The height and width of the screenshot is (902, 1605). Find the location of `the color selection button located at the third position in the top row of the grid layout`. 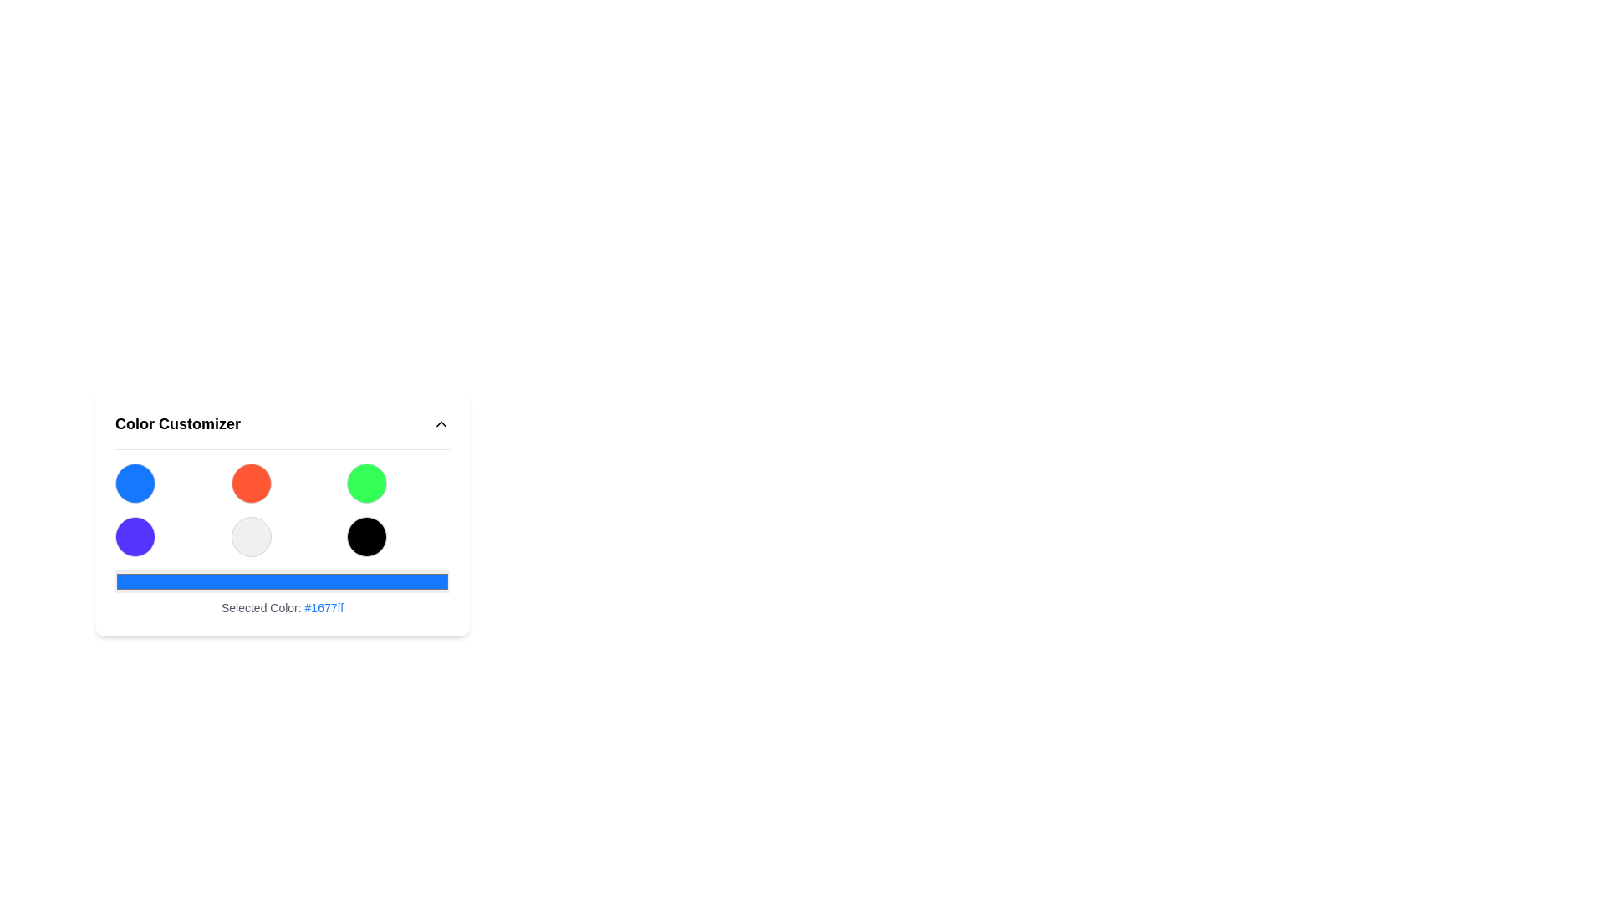

the color selection button located at the third position in the top row of the grid layout is located at coordinates (366, 483).